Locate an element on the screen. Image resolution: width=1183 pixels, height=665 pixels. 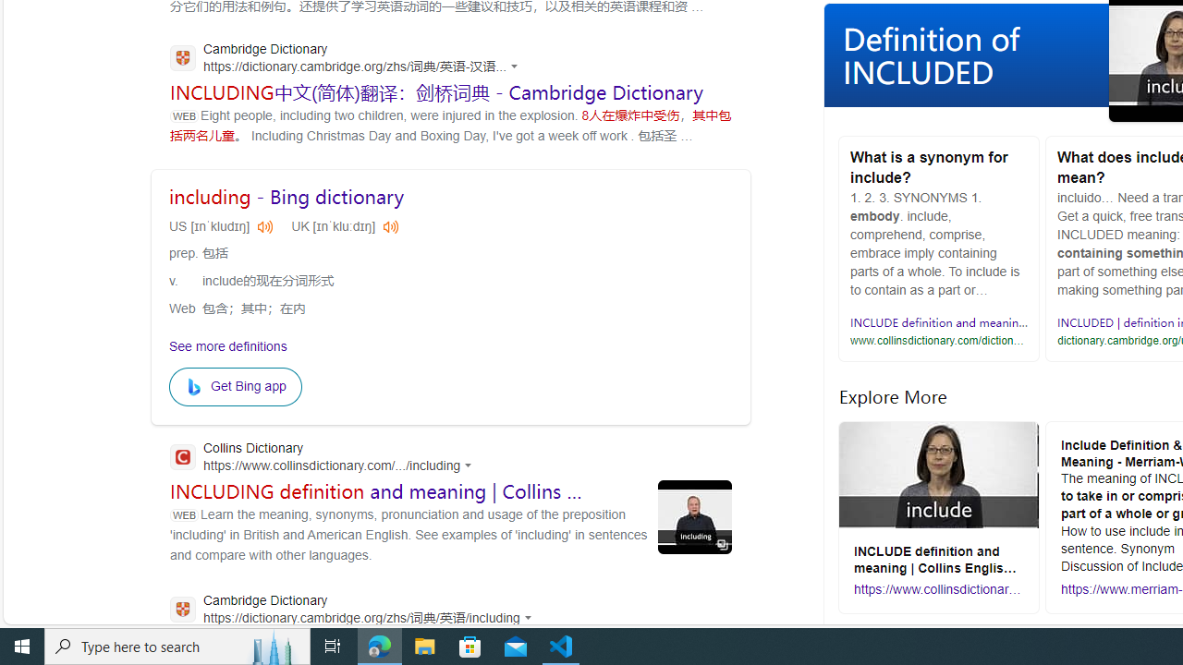
'Class: dictIcon rms_img' is located at coordinates (390, 224).